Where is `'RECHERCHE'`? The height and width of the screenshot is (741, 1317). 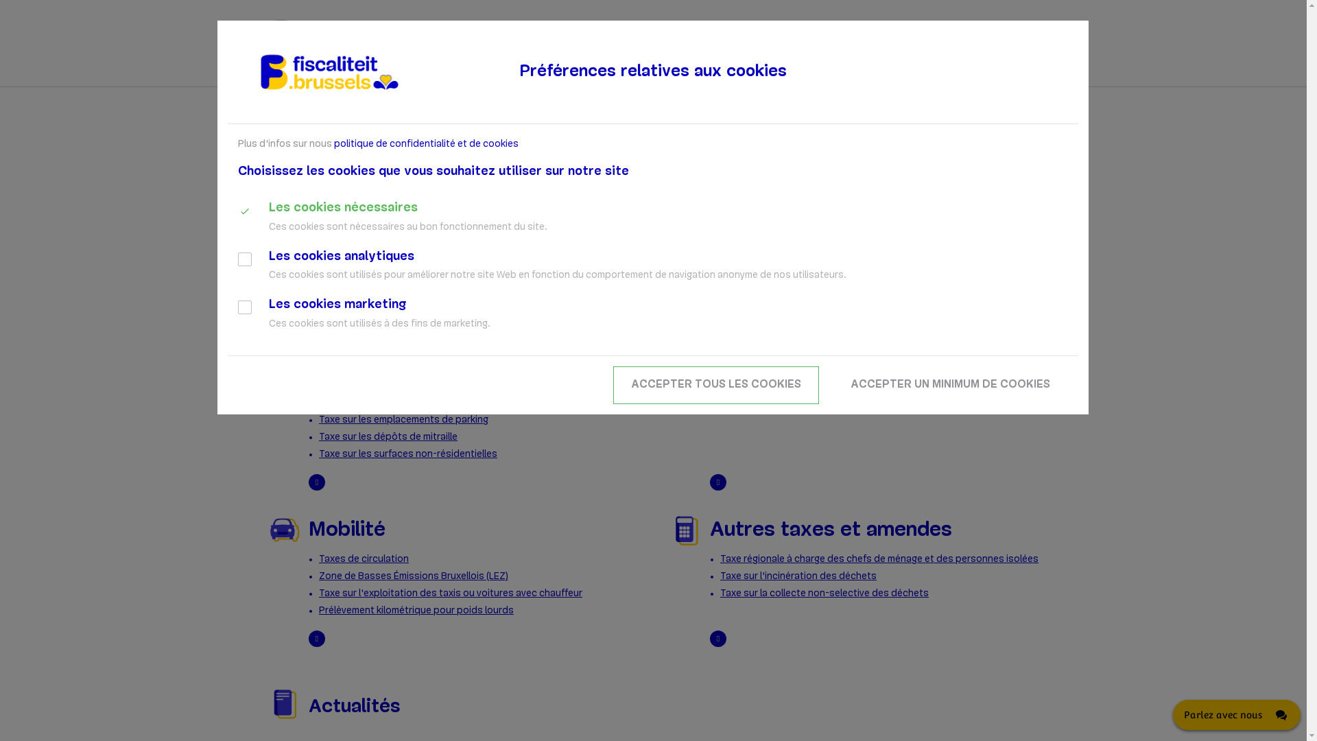
'RECHERCHE' is located at coordinates (1007, 38).